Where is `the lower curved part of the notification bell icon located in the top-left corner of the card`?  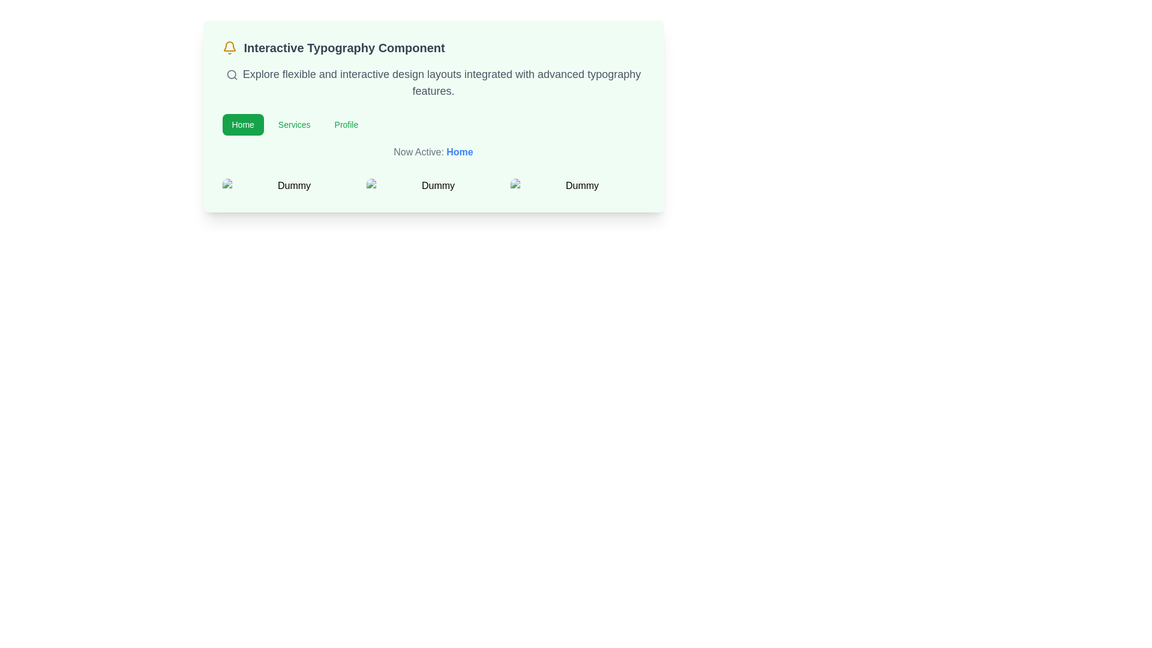 the lower curved part of the notification bell icon located in the top-left corner of the card is located at coordinates (229, 46).